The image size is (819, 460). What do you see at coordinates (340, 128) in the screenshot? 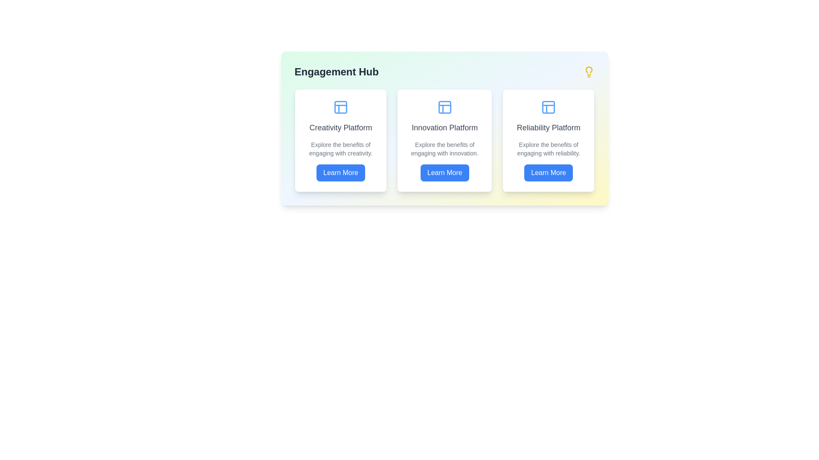
I see `the title text of the card labeled 'Creativity Platform' in the 'Engagement Hub'` at bounding box center [340, 128].